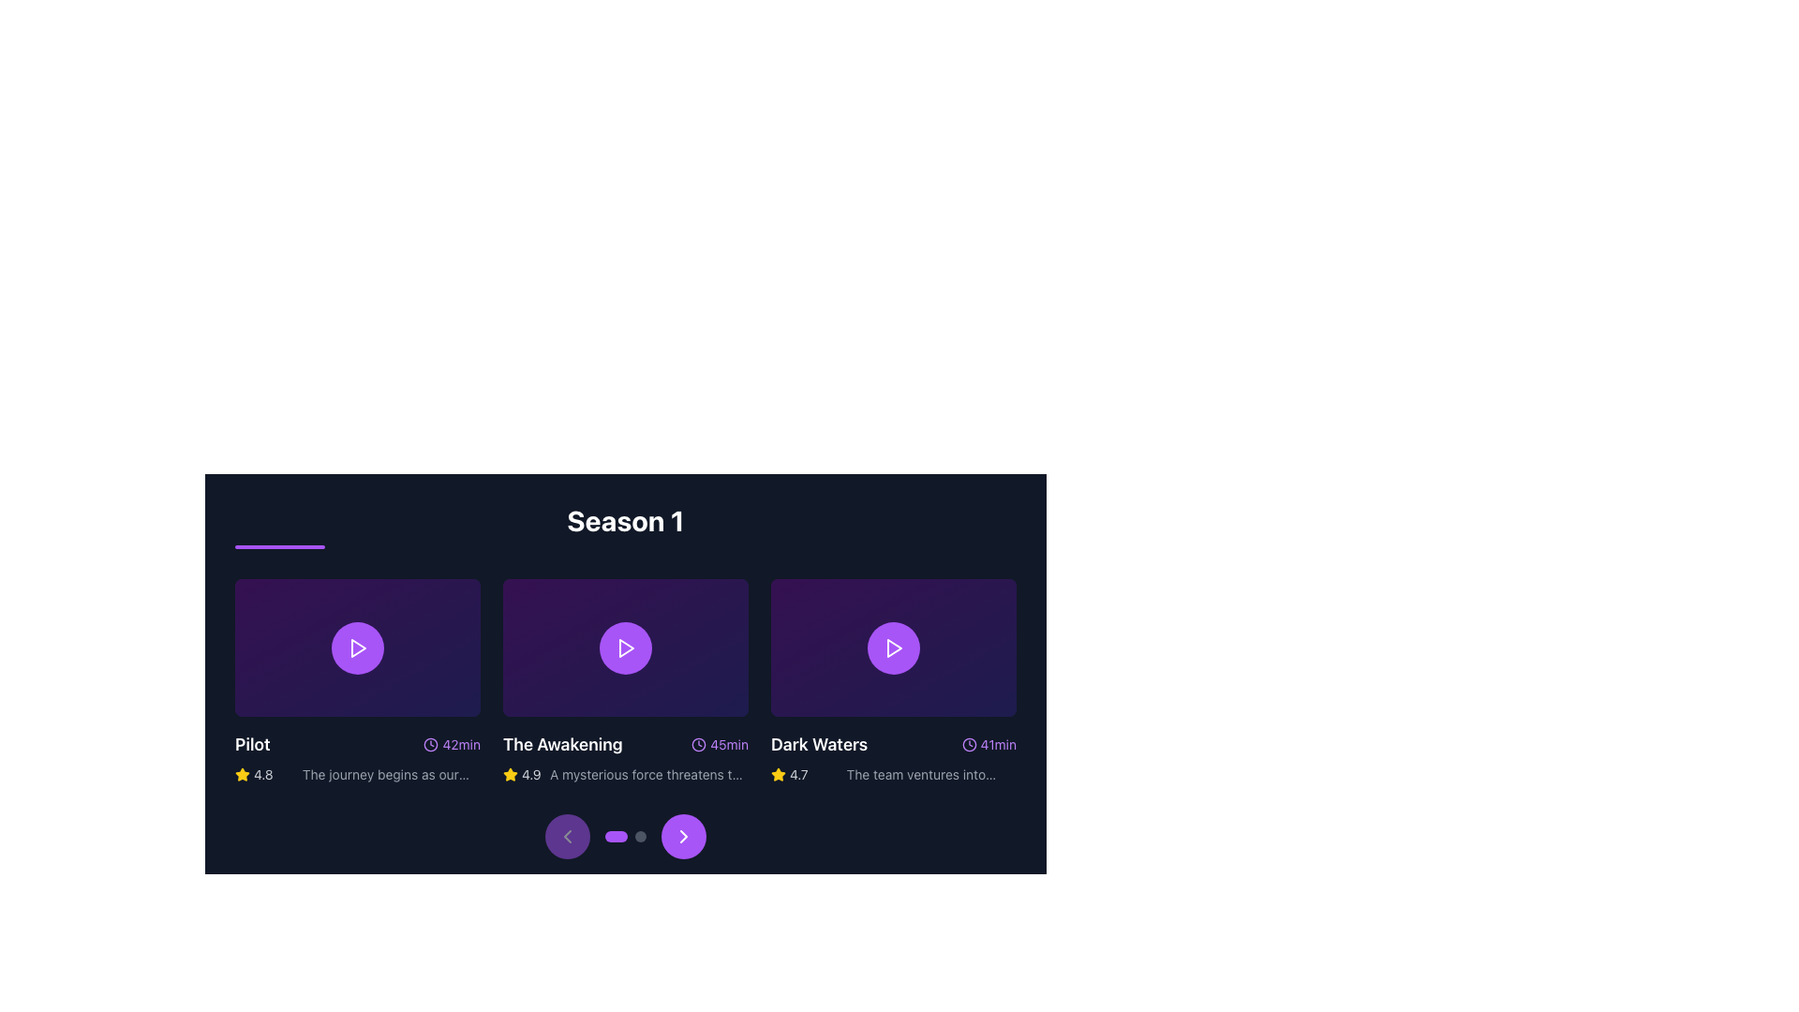  Describe the element at coordinates (430, 744) in the screenshot. I see `the purple clock icon located to the left of the text '42min' in the 'Pilot' section, which indicates time duration` at that location.